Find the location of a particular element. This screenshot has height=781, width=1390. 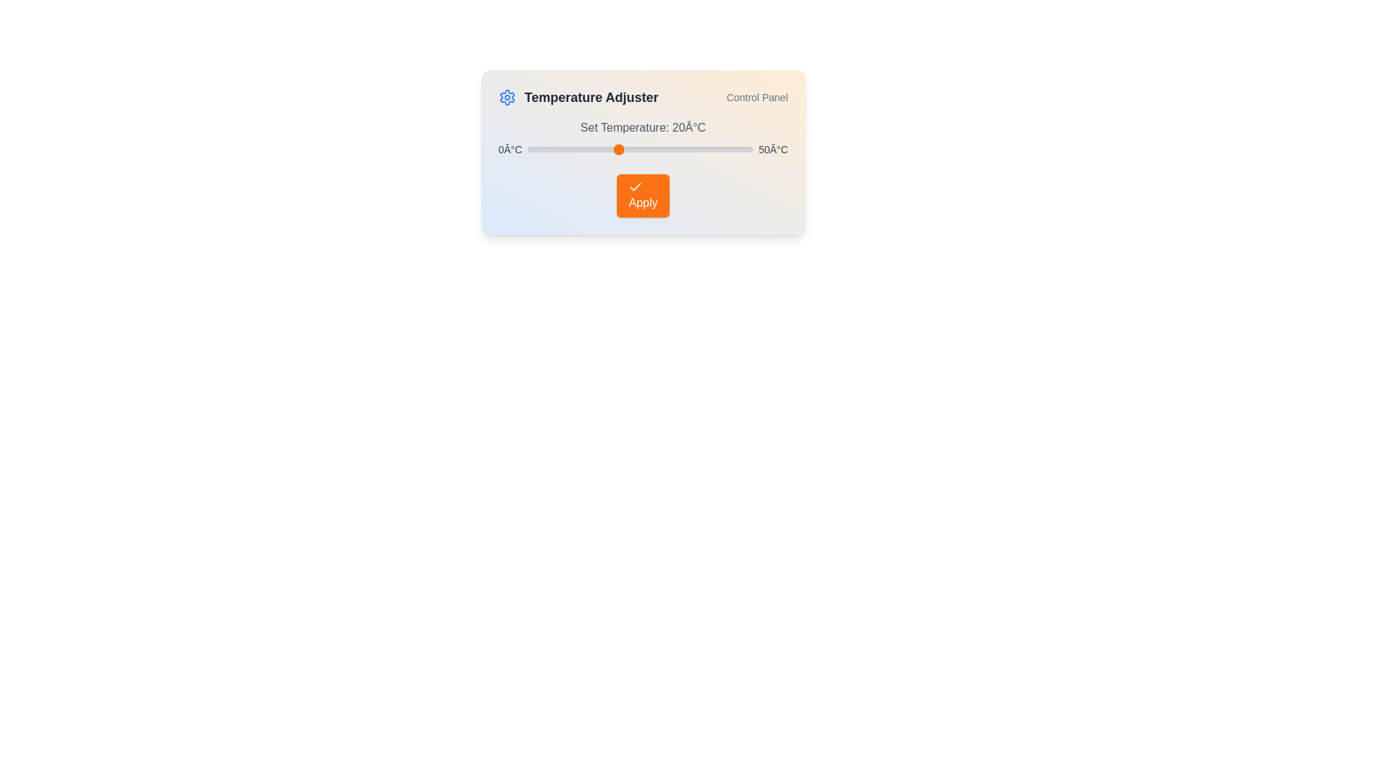

the settings icon to access additional options is located at coordinates (507, 98).